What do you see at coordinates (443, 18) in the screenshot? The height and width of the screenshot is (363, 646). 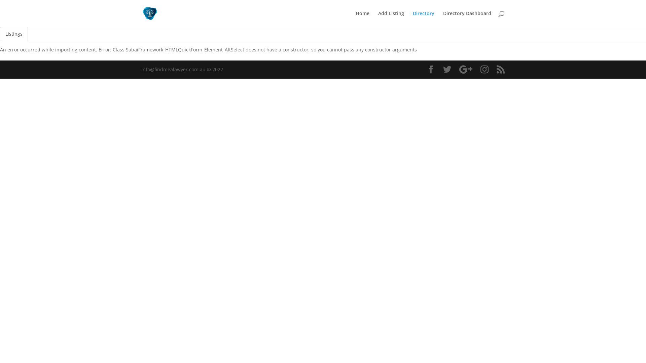 I see `'Directory Dashboard'` at bounding box center [443, 18].